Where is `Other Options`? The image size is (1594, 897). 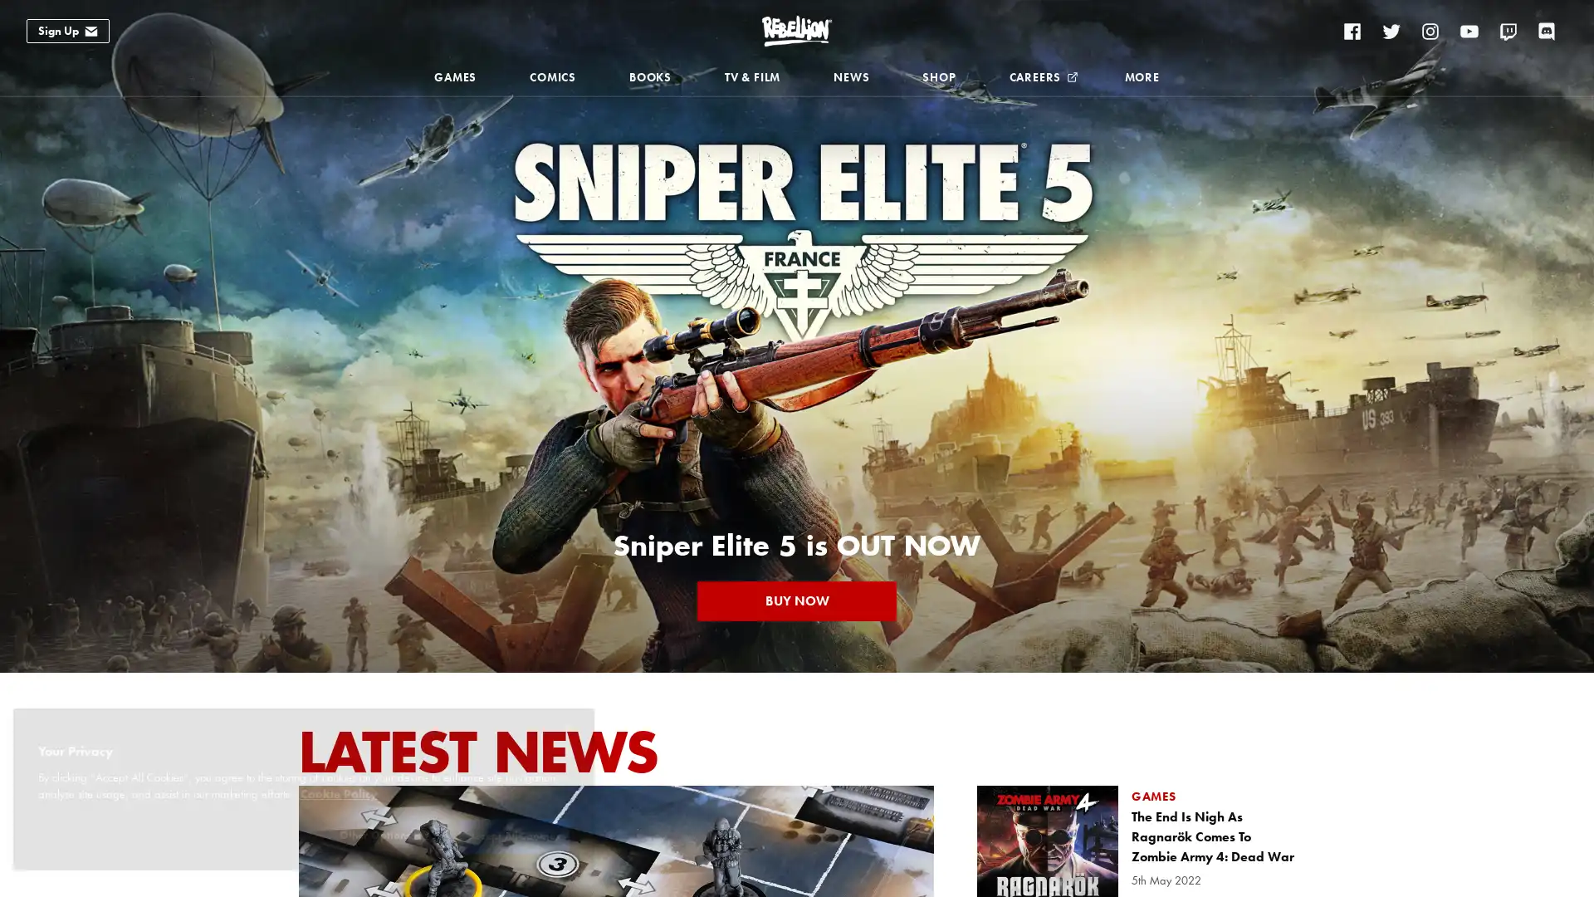 Other Options is located at coordinates (374, 836).